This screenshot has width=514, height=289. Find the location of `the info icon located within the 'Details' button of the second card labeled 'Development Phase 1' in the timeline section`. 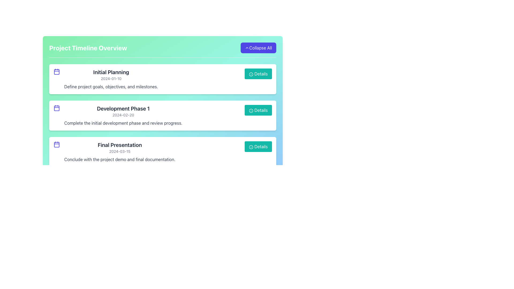

the info icon located within the 'Details' button of the second card labeled 'Development Phase 1' in the timeline section is located at coordinates (251, 110).